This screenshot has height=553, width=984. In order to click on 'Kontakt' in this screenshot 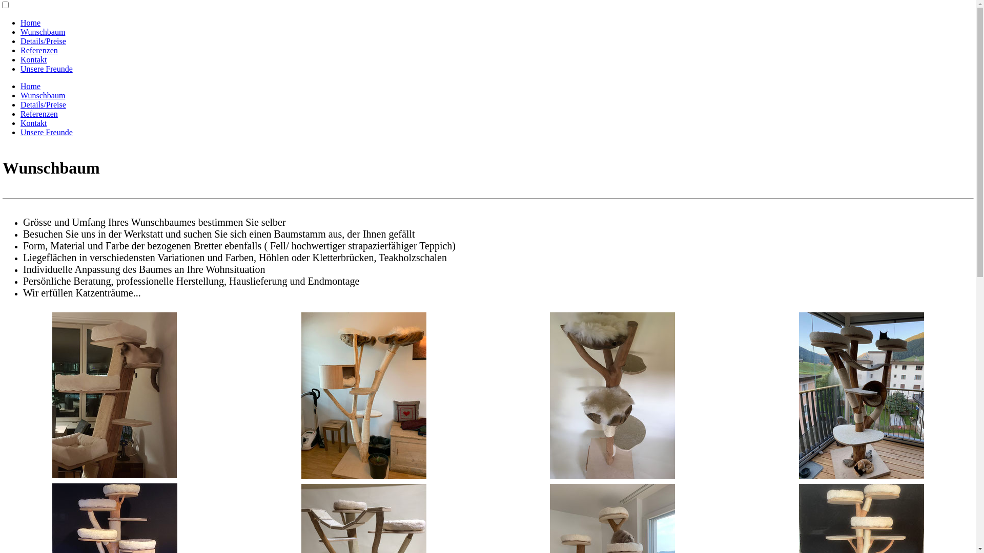, I will do `click(34, 122)`.